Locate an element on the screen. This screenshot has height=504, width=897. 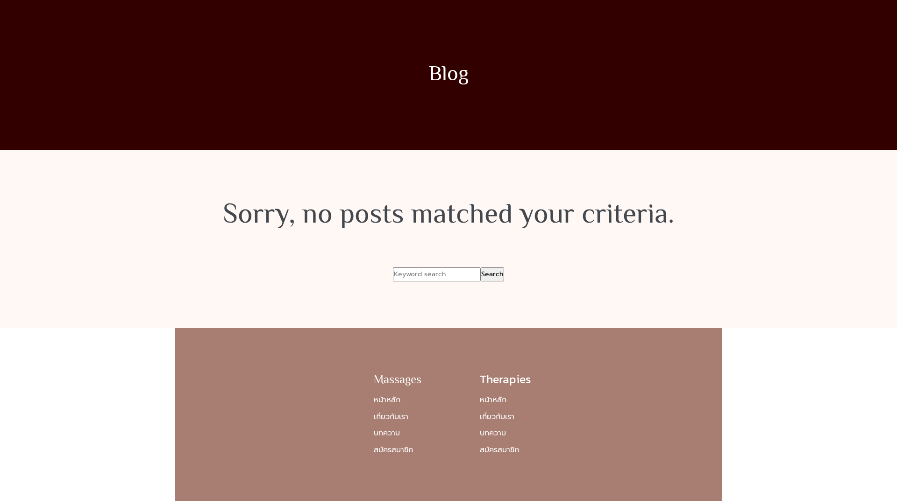
'Search' is located at coordinates (491, 273).